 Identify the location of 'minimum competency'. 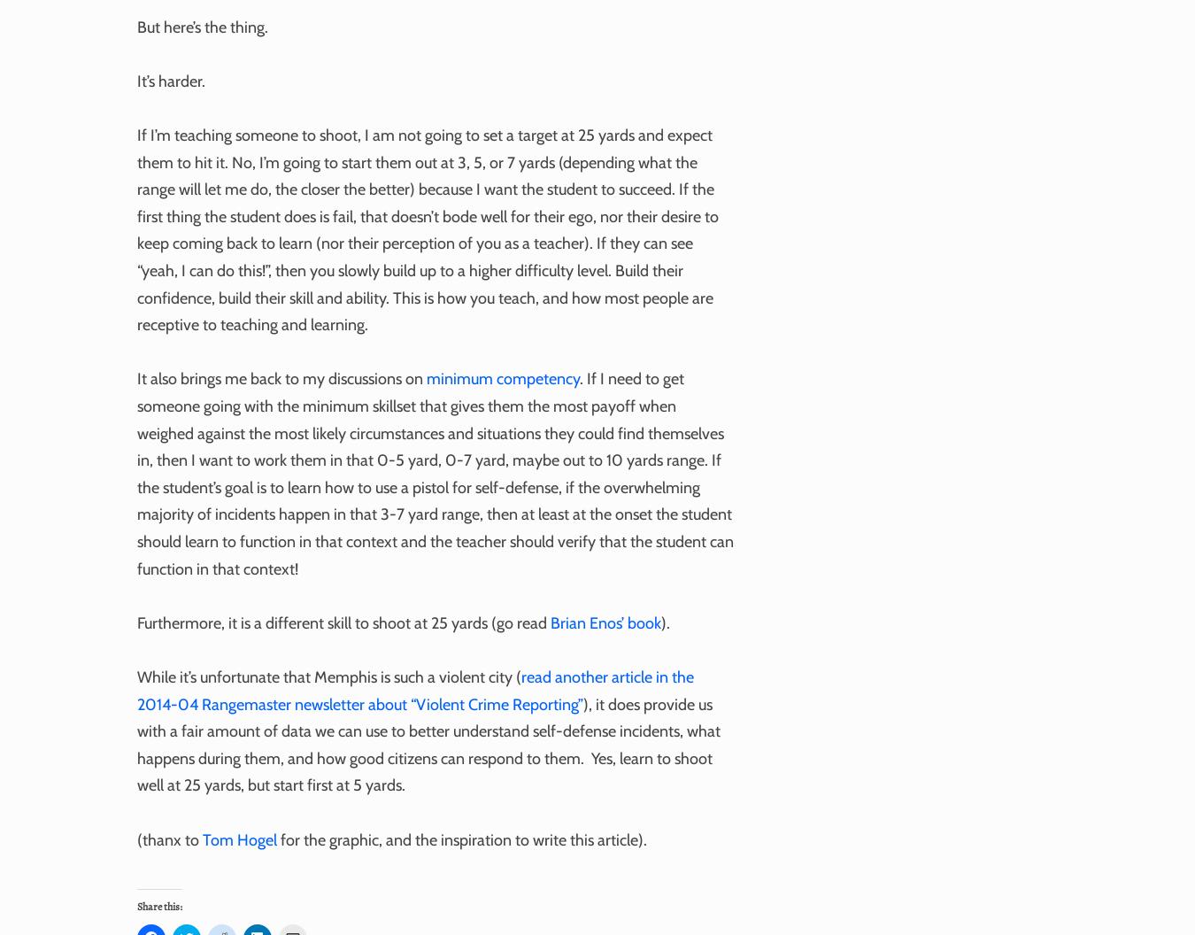
(503, 378).